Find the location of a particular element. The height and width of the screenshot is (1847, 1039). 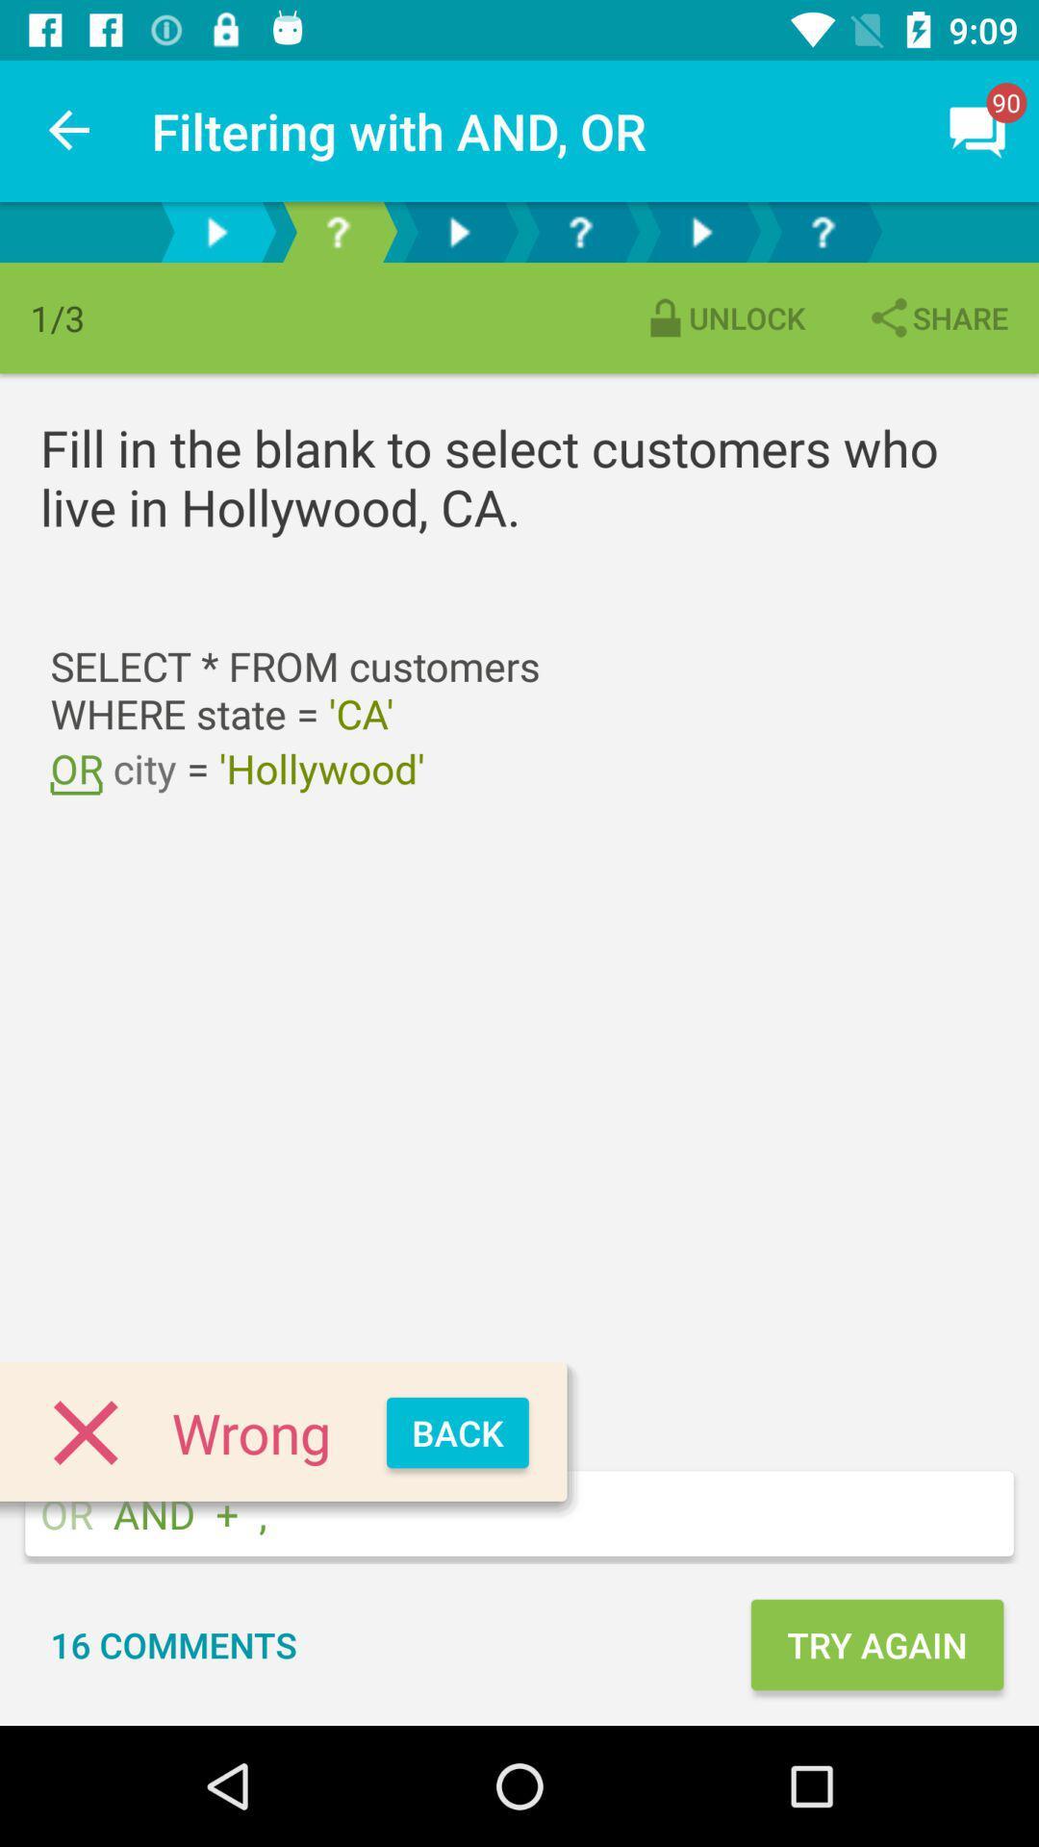

item to the right of 16 comments item is located at coordinates (876, 1643).